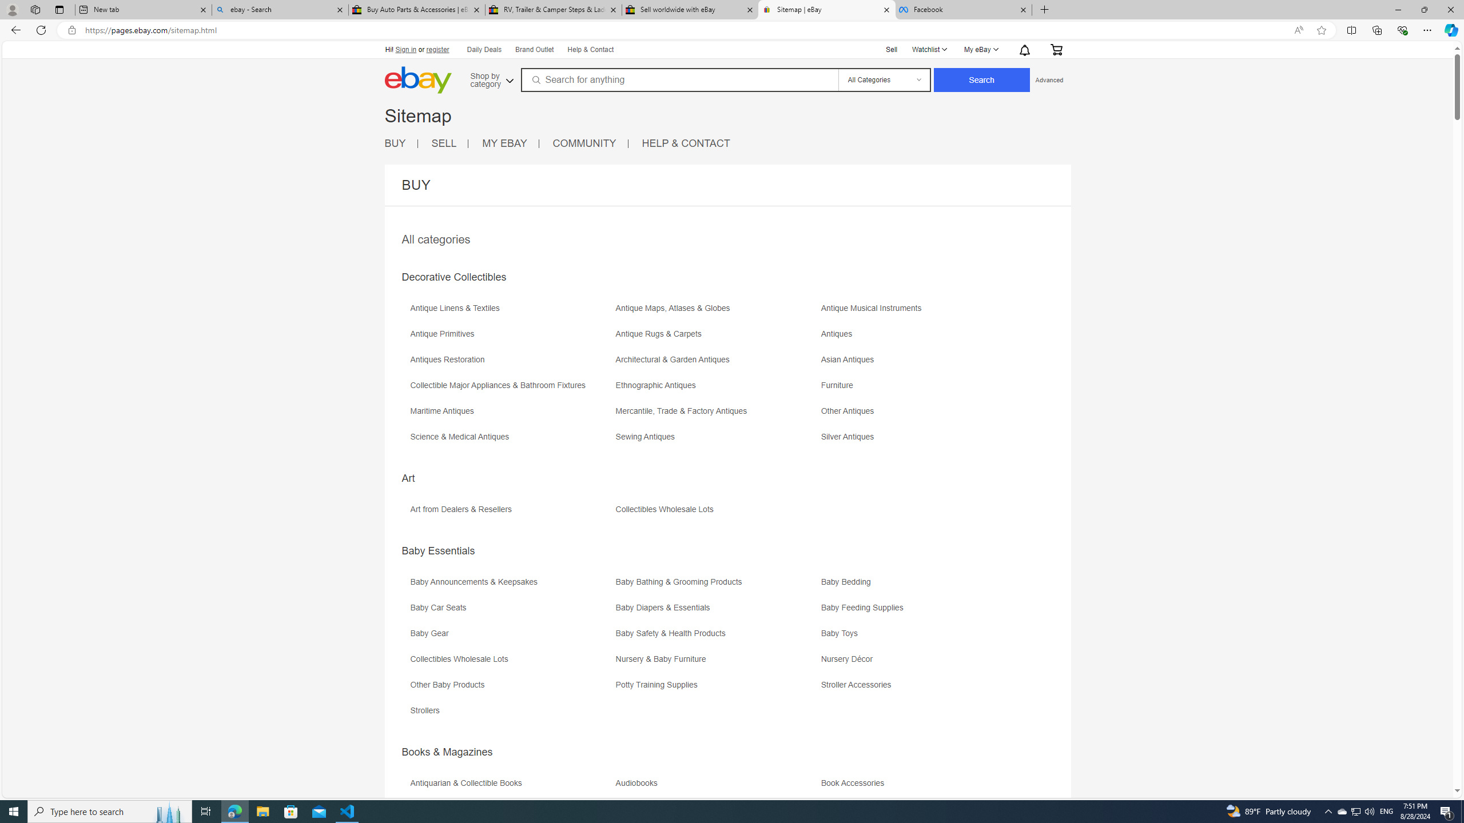 The image size is (1464, 823). I want to click on 'Daily Deals', so click(482, 50).